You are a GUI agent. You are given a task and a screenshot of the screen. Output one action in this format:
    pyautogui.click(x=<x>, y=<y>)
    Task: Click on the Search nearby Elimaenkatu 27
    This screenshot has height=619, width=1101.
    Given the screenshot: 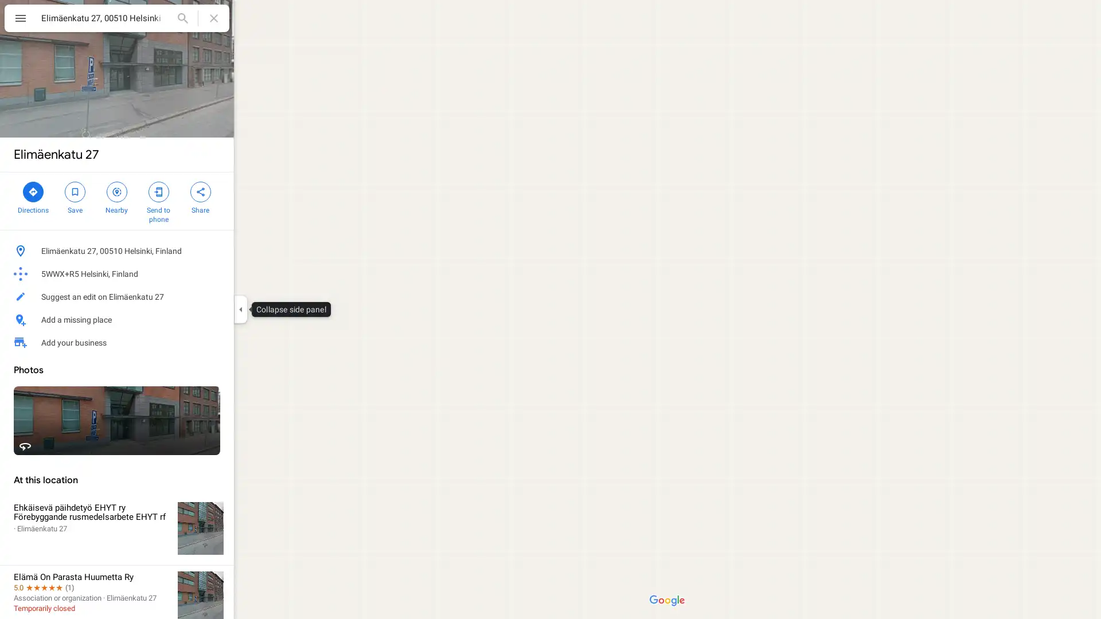 What is the action you would take?
    pyautogui.click(x=116, y=196)
    